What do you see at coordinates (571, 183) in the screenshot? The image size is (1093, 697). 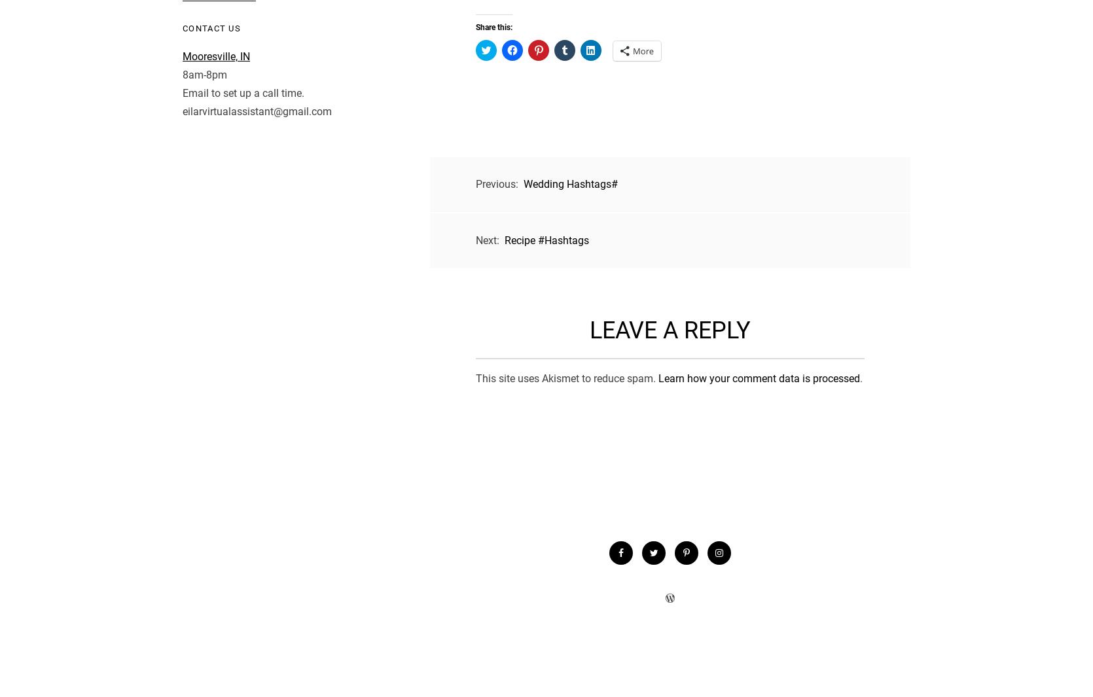 I see `'Wedding Hashtags#'` at bounding box center [571, 183].